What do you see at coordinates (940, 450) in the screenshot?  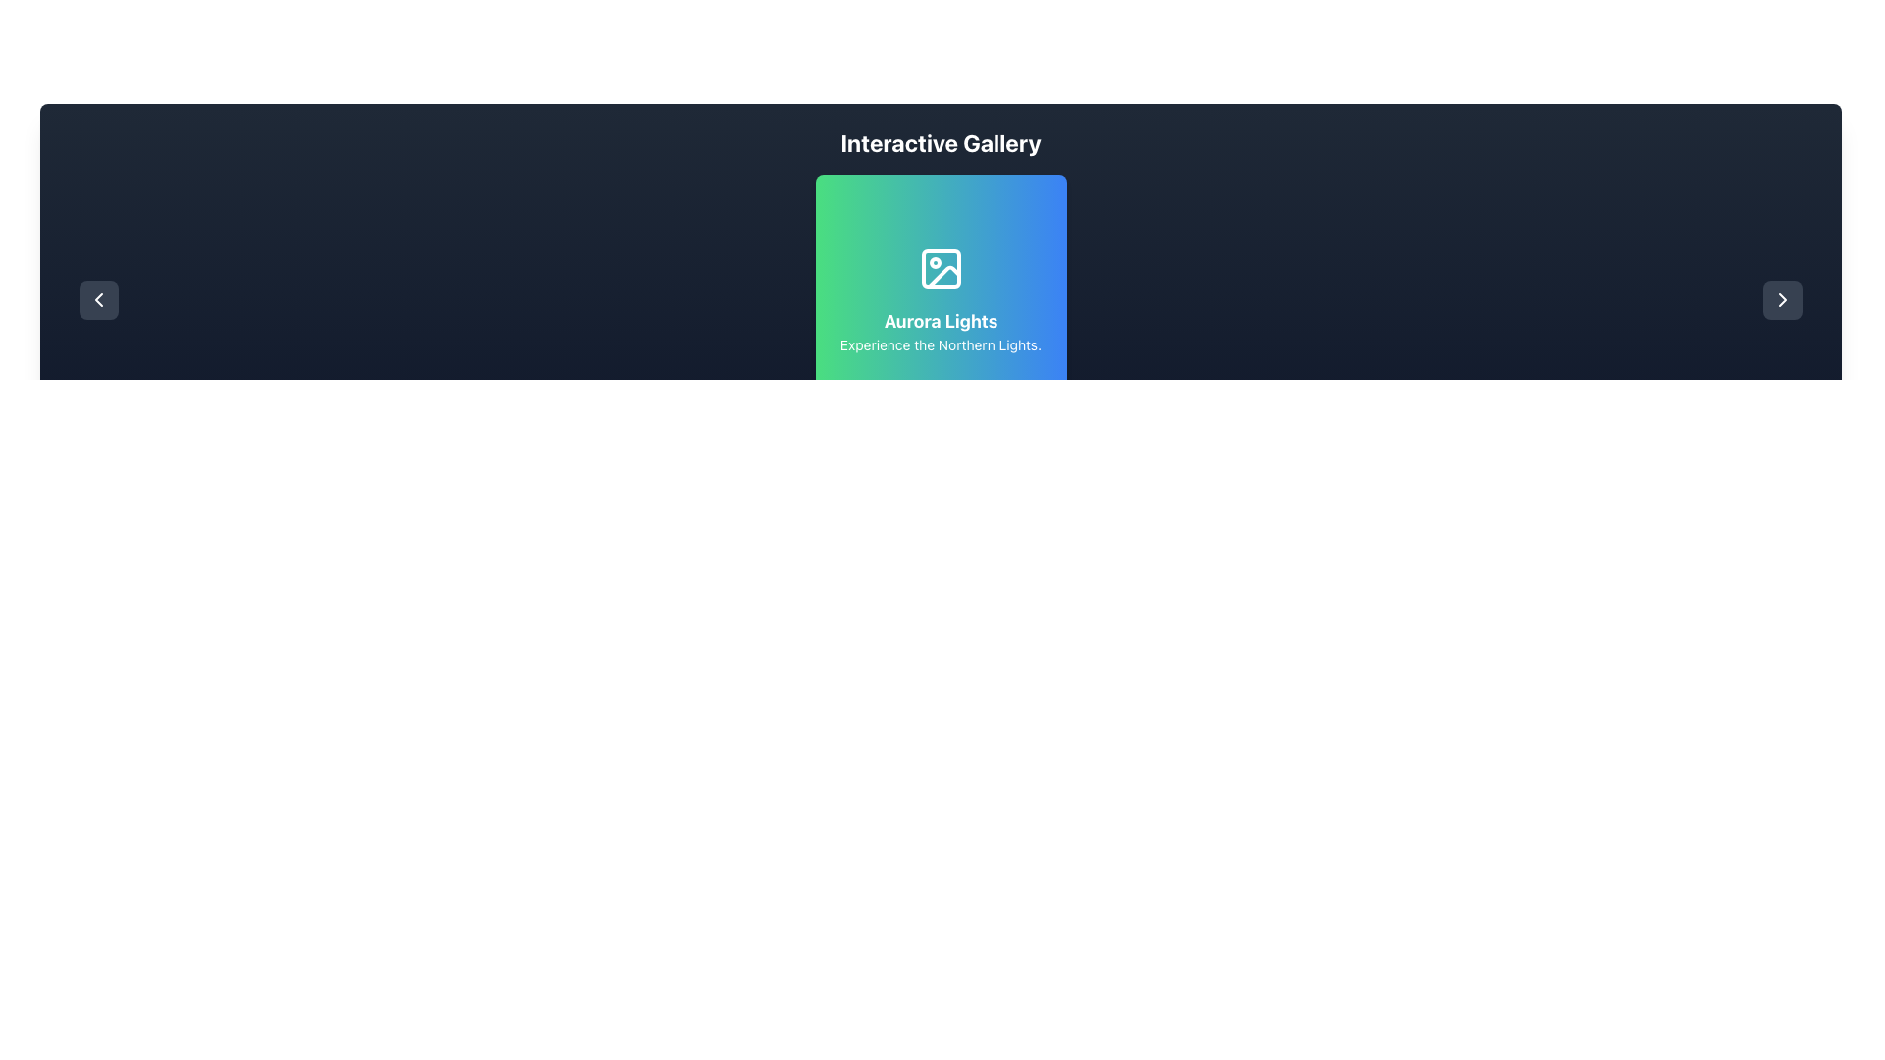 I see `the gray circular navigation dot at the bottom section of the central interface area` at bounding box center [940, 450].